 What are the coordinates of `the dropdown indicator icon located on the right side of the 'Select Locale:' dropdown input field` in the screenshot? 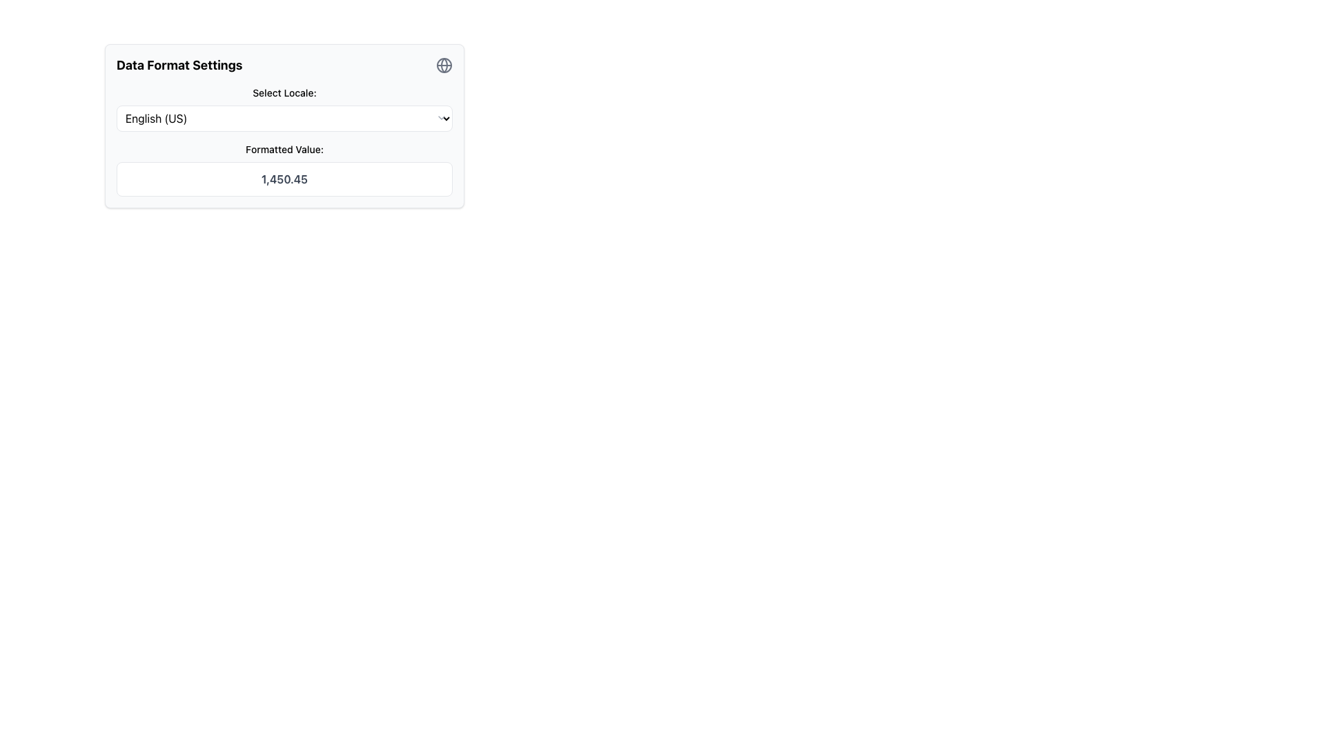 It's located at (440, 117).